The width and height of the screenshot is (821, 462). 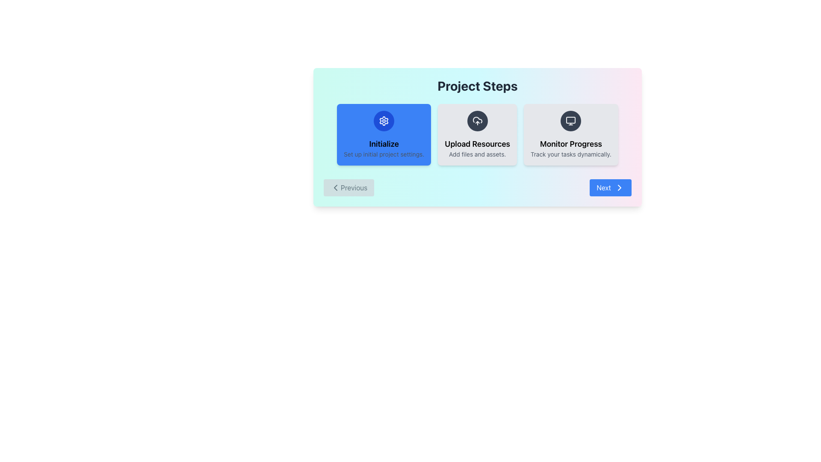 What do you see at coordinates (620, 187) in the screenshot?
I see `the right-facing chevron icon located in the bottom-right corner of the step navigation card that contains the label 'Next'` at bounding box center [620, 187].